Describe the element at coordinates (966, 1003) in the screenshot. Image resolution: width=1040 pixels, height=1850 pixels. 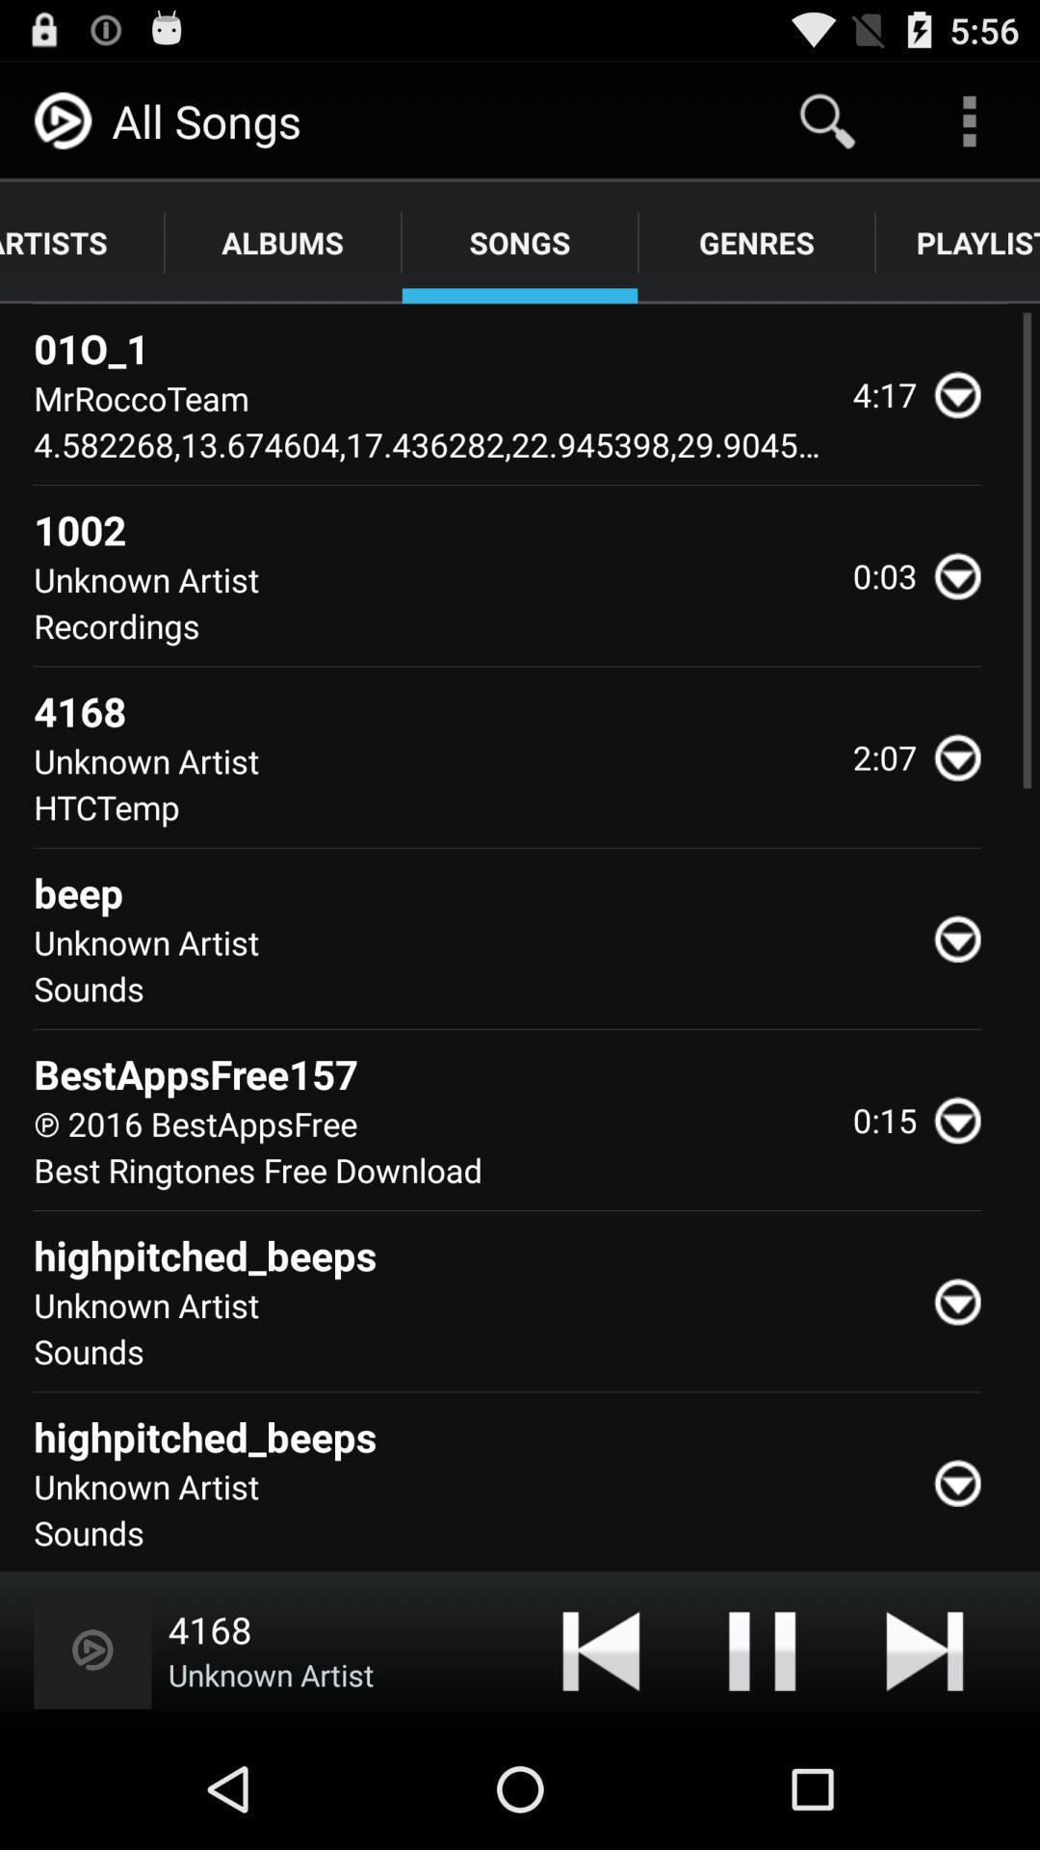
I see `the visibility icon` at that location.